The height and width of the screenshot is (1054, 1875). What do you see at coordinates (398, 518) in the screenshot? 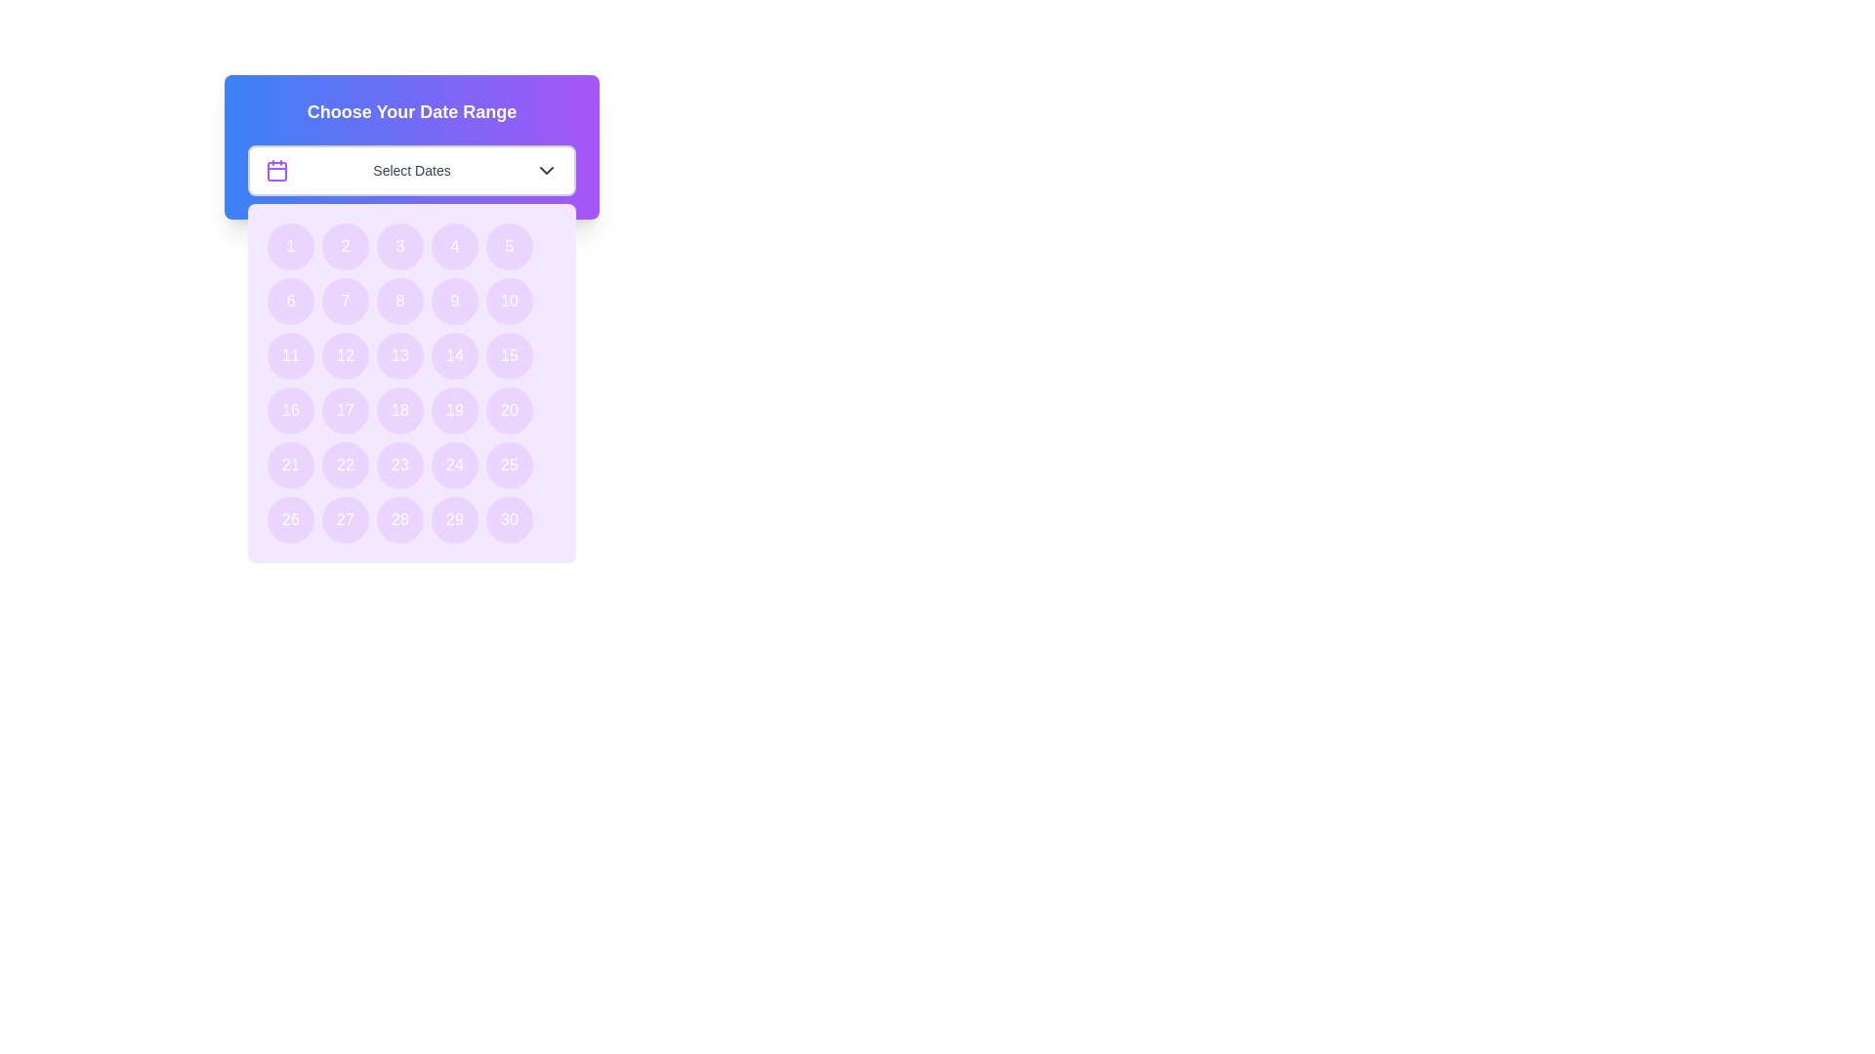
I see `the circular button with a light purple background displaying the number '28'` at bounding box center [398, 518].